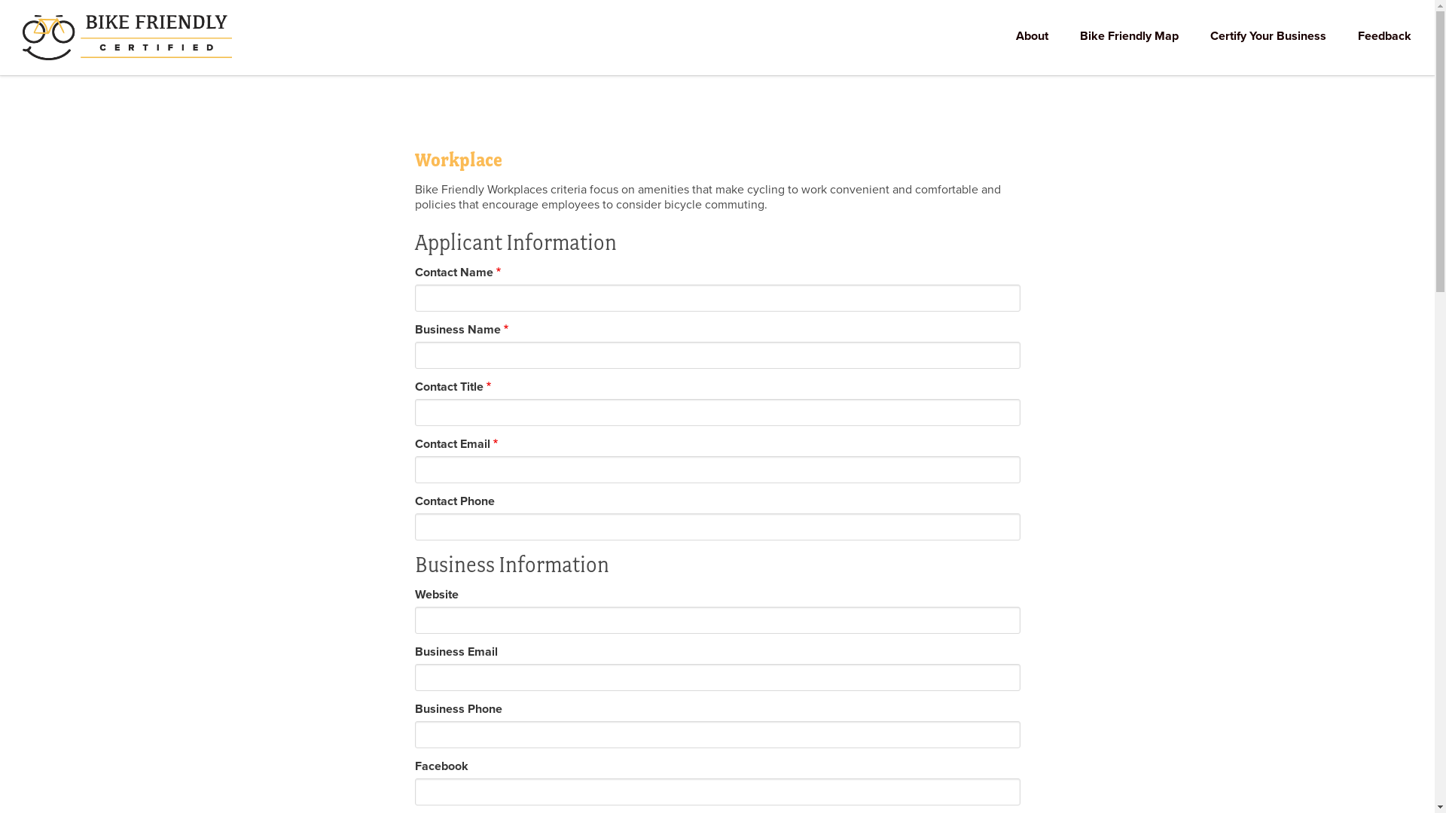 The height and width of the screenshot is (813, 1446). Describe the element at coordinates (1268, 37) in the screenshot. I see `'Certify Your Business'` at that location.